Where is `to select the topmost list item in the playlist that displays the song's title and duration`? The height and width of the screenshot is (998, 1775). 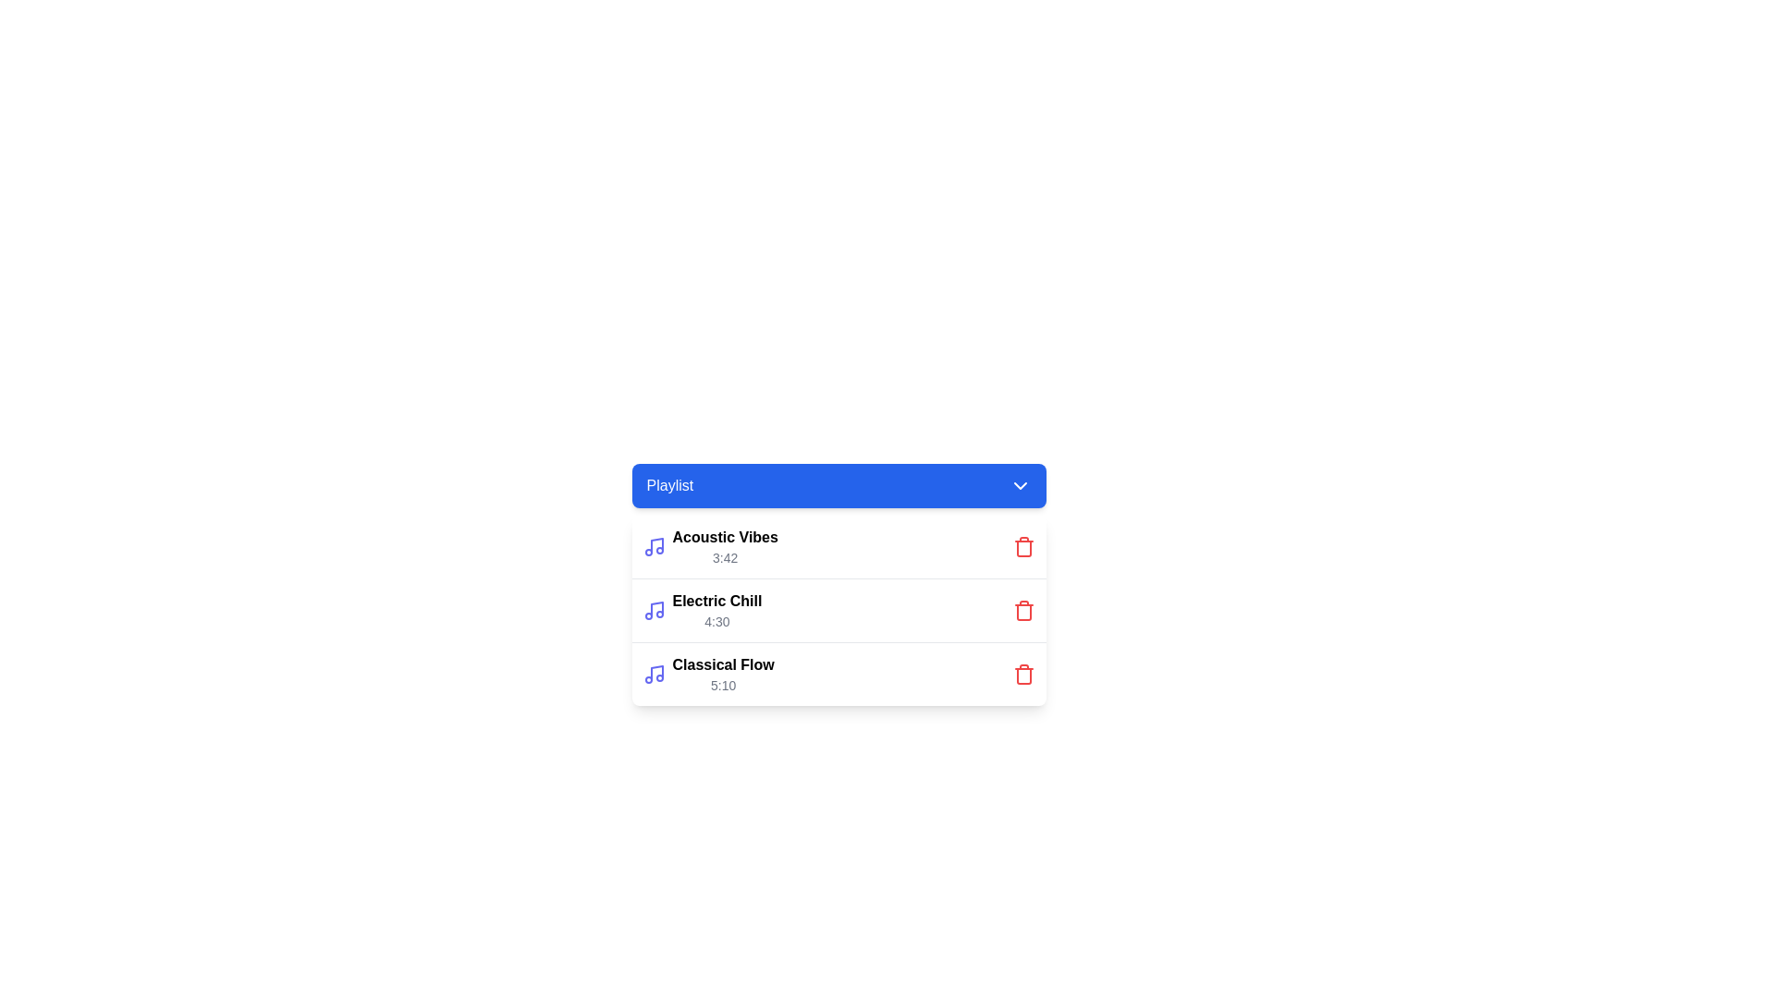
to select the topmost list item in the playlist that displays the song's title and duration is located at coordinates (709, 545).